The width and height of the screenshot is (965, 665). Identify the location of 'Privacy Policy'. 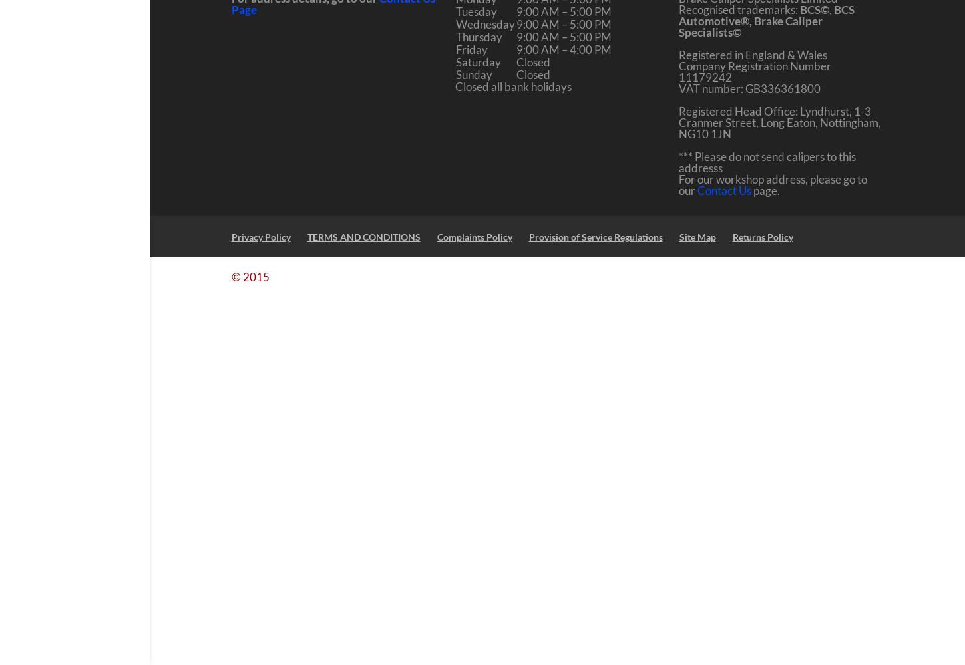
(260, 235).